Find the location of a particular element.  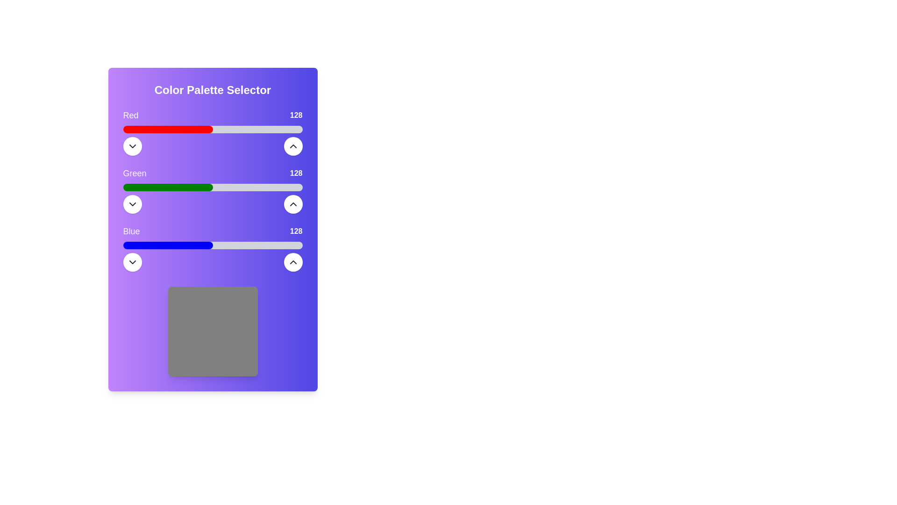

the third horizontal progress bar, which has a gray background and a blue filled section representing half of the progress, located under the text 'Blue' and the numeric value '128' is located at coordinates (212, 245).